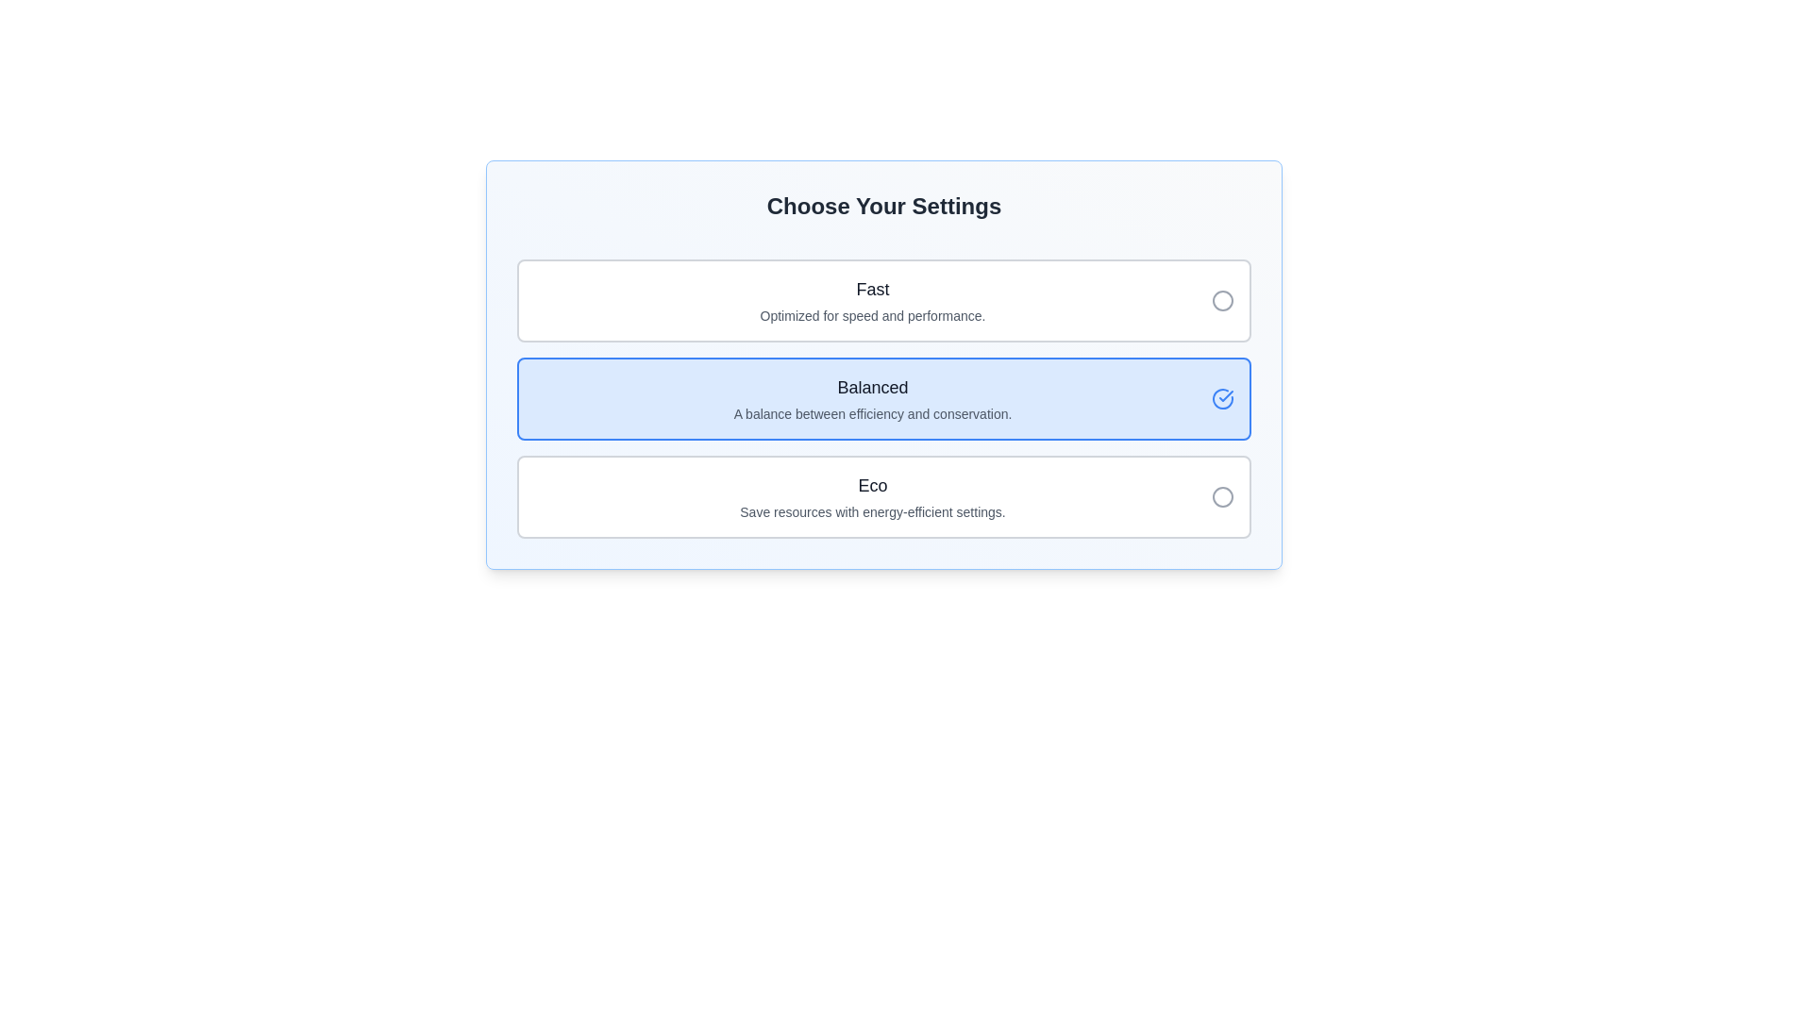  I want to click on the 'Eco' radio button located, so click(1223, 496).